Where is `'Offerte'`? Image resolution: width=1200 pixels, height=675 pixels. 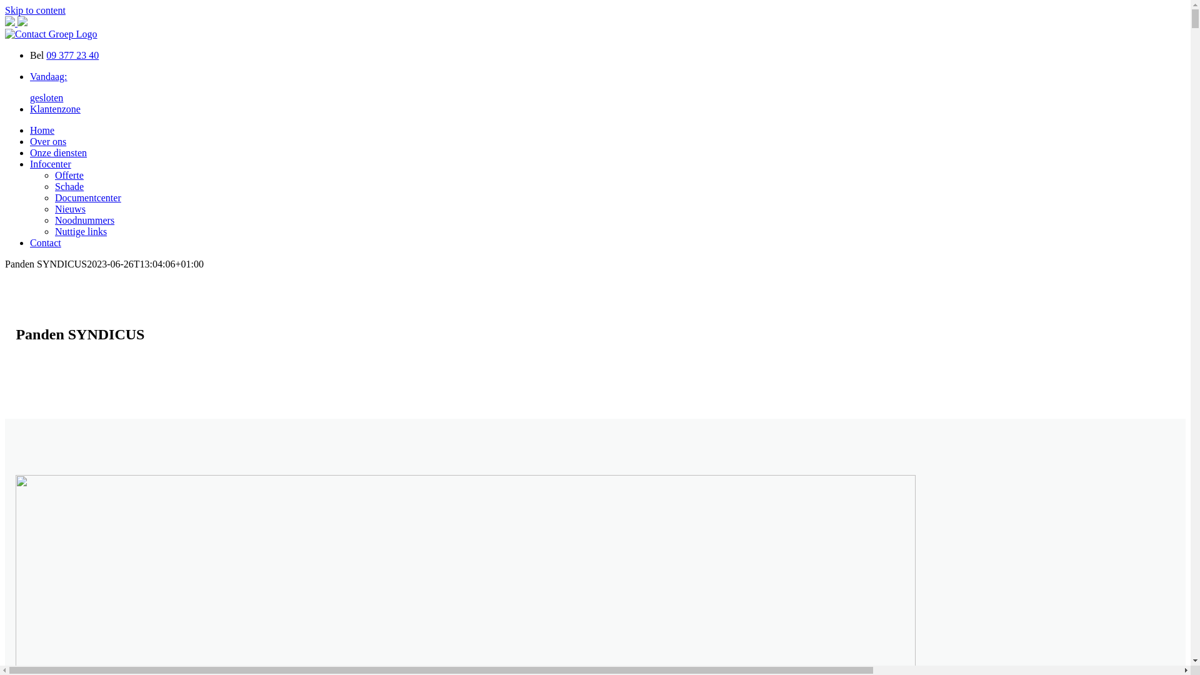 'Offerte' is located at coordinates (54, 175).